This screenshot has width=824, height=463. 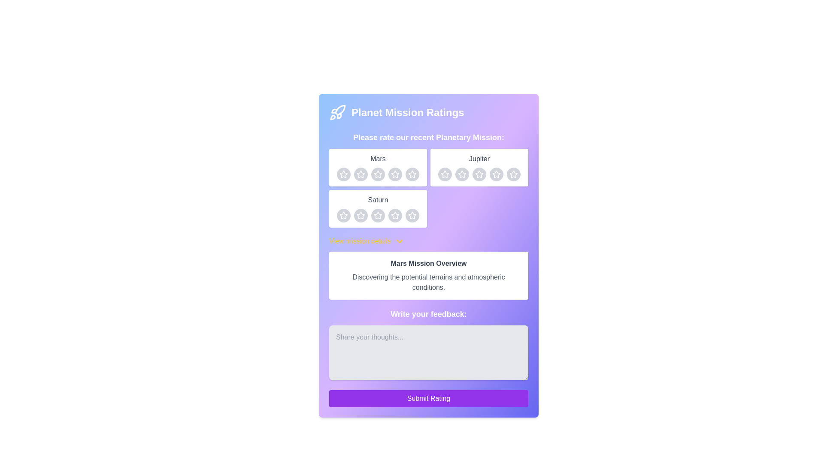 What do you see at coordinates (395, 215) in the screenshot?
I see `the fourth star rating button under the label 'Saturn'` at bounding box center [395, 215].